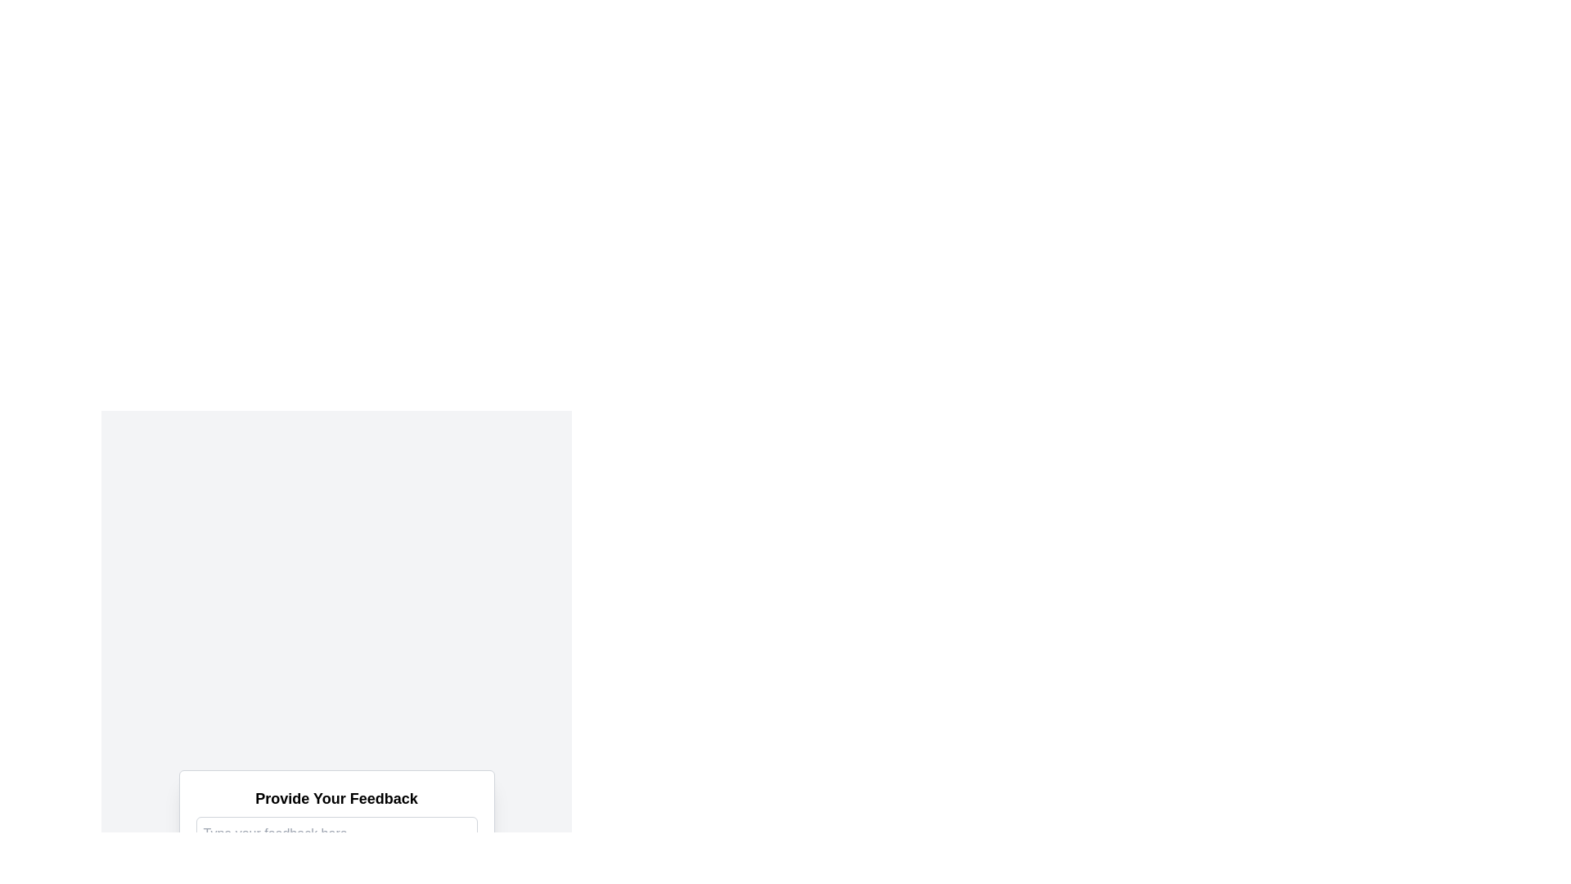  What do you see at coordinates (335, 797) in the screenshot?
I see `the Text Header that serves as a title indicating the purpose of the feedback section, positioned above the feedback text input box and the 'Submit' and 'Cancel' buttons` at bounding box center [335, 797].